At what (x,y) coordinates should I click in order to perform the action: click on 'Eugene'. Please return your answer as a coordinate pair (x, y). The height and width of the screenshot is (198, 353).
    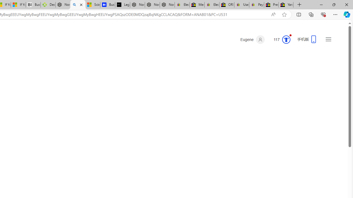
    Looking at the image, I should click on (252, 39).